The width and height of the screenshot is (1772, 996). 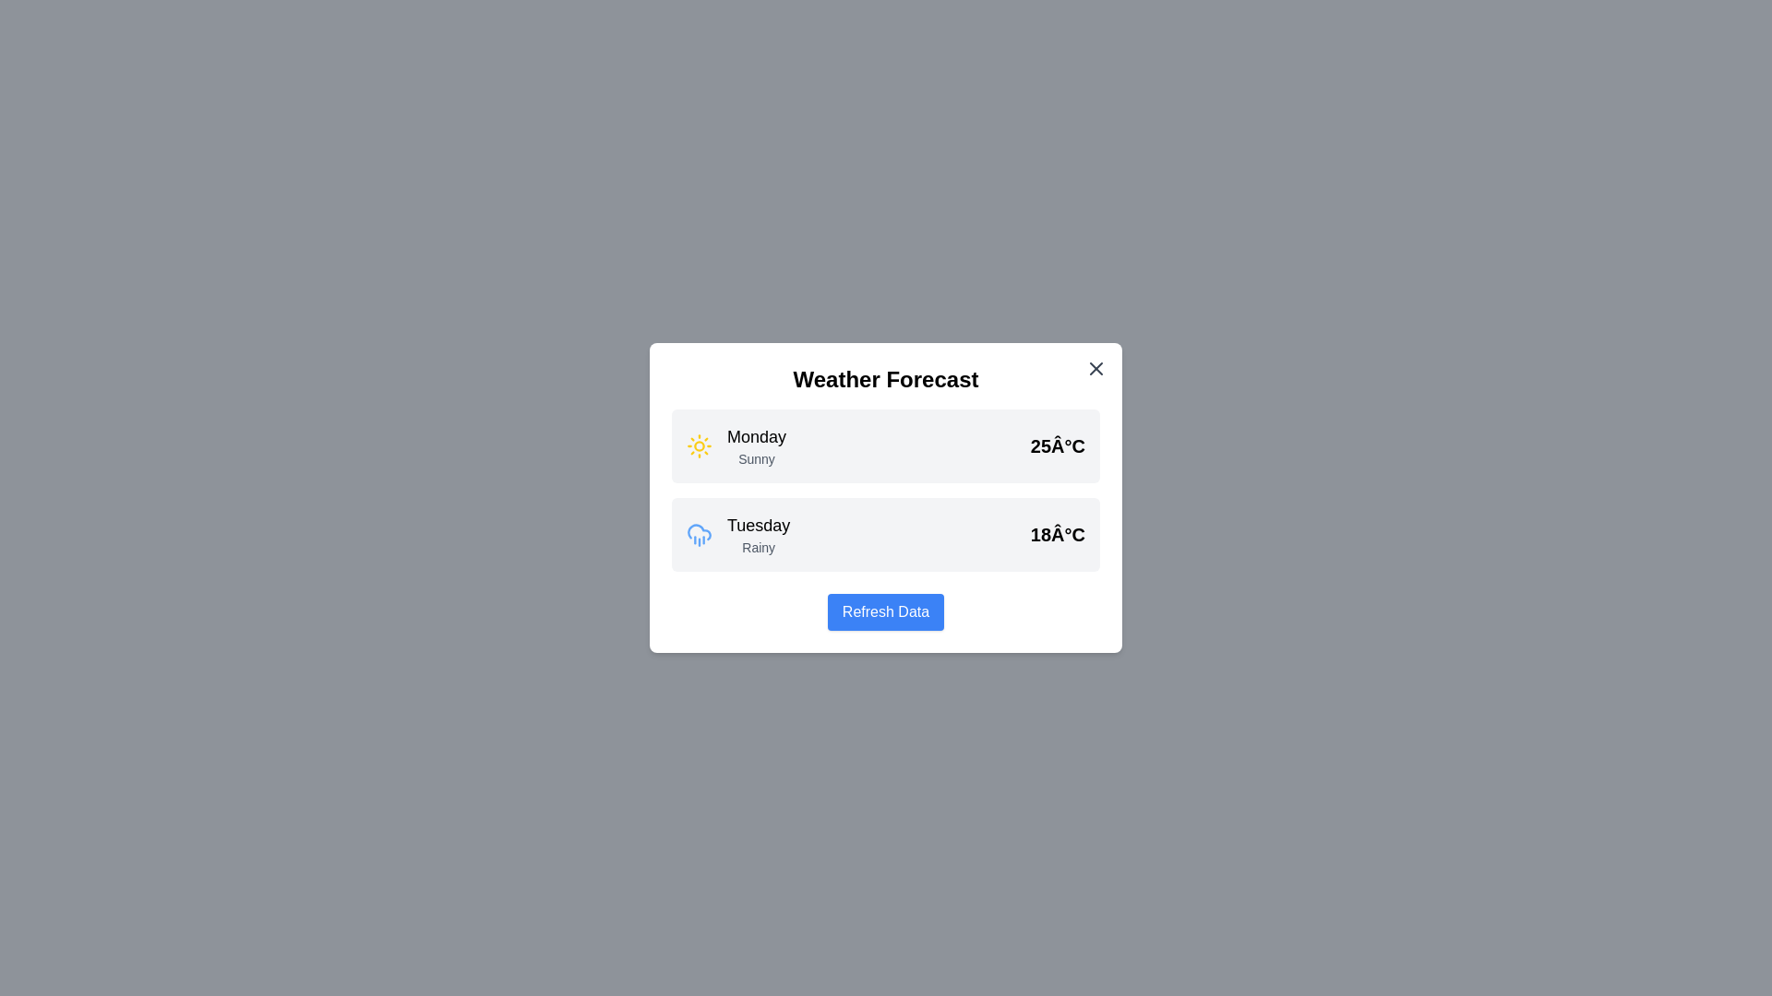 What do you see at coordinates (886, 611) in the screenshot?
I see `the 'Refresh Data' button with rounded corners and a blue background located at the bottom center of the 'Weather Forecast' dialog to refresh the displayed data` at bounding box center [886, 611].